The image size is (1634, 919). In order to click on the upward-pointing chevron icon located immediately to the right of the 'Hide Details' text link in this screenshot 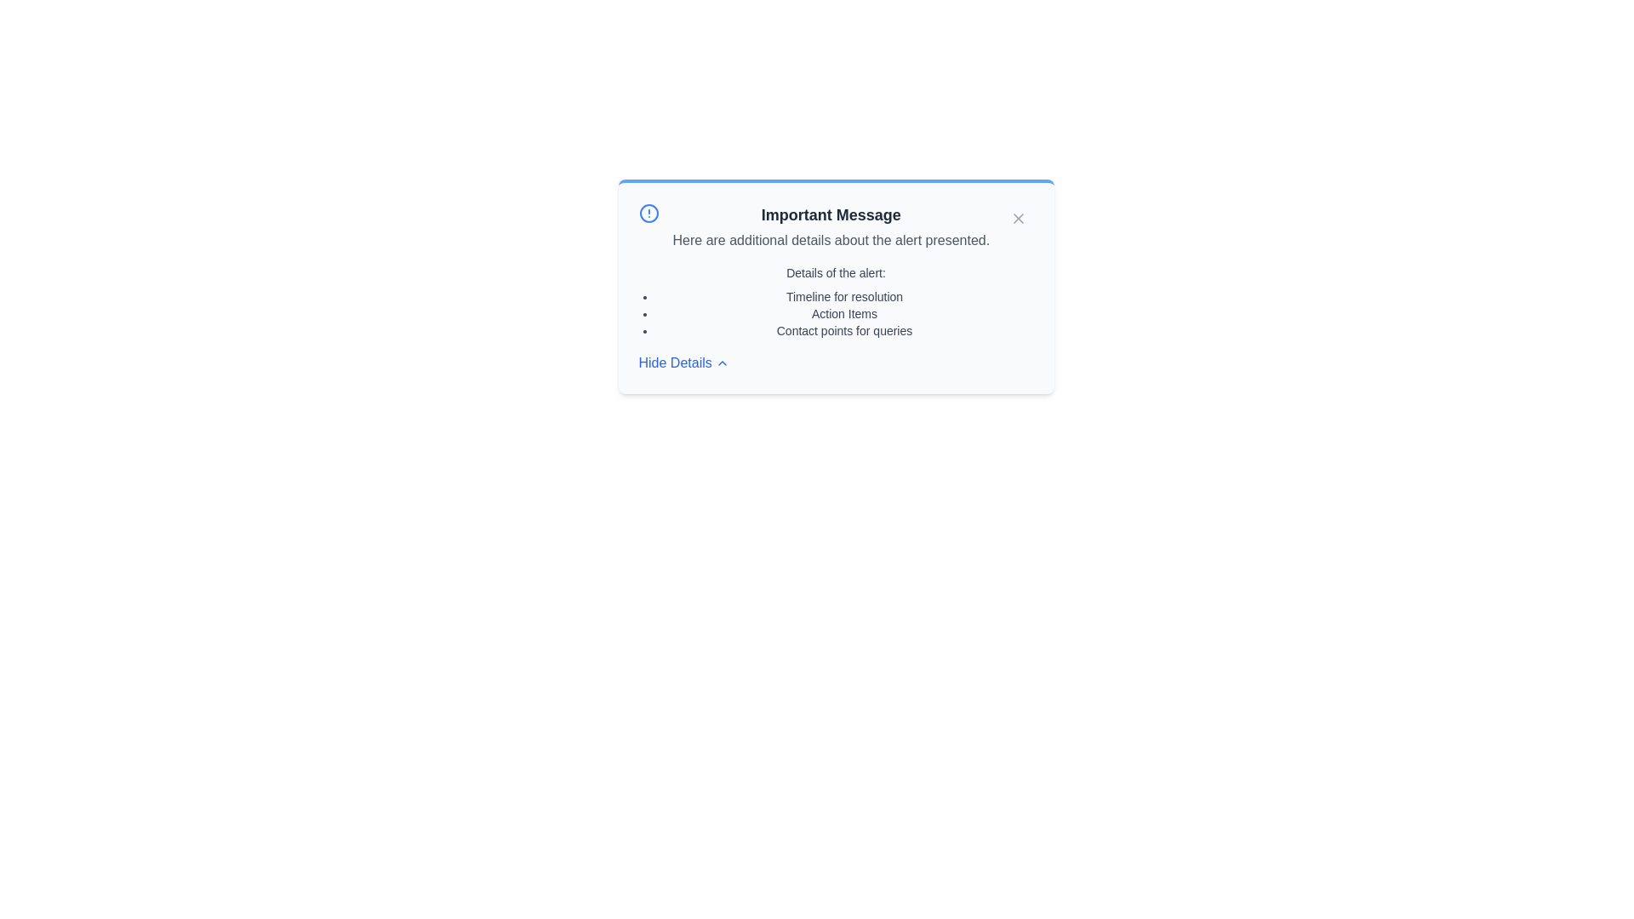, I will do `click(722, 362)`.